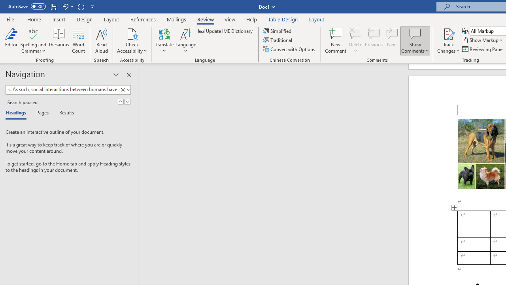 The height and width of the screenshot is (285, 506). I want to click on 'Insert', so click(59, 19).